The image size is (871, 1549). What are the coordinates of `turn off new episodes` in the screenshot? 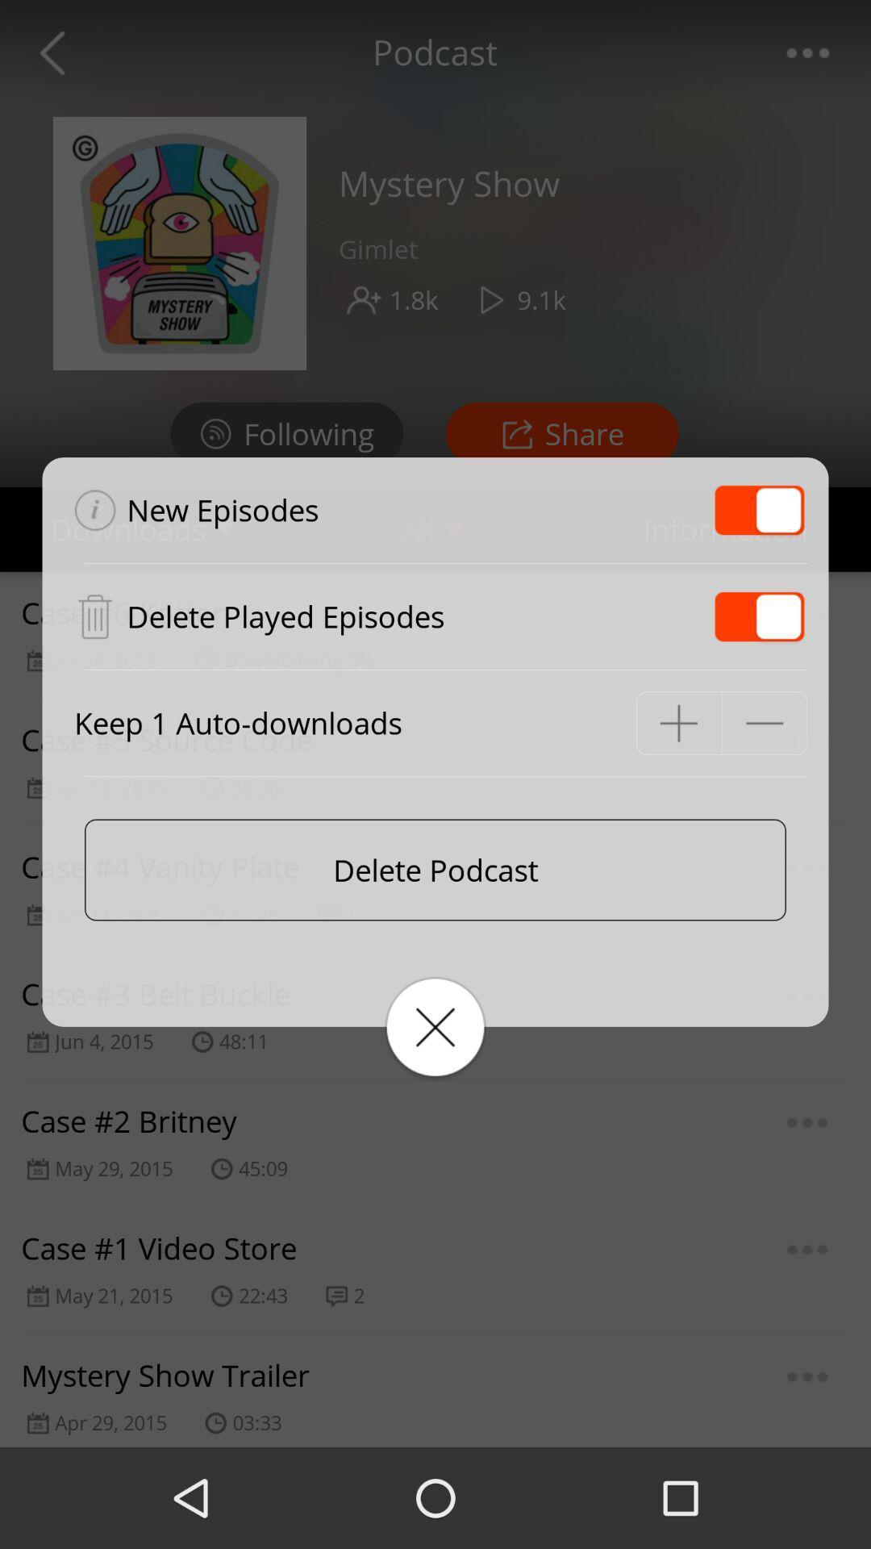 It's located at (759, 509).